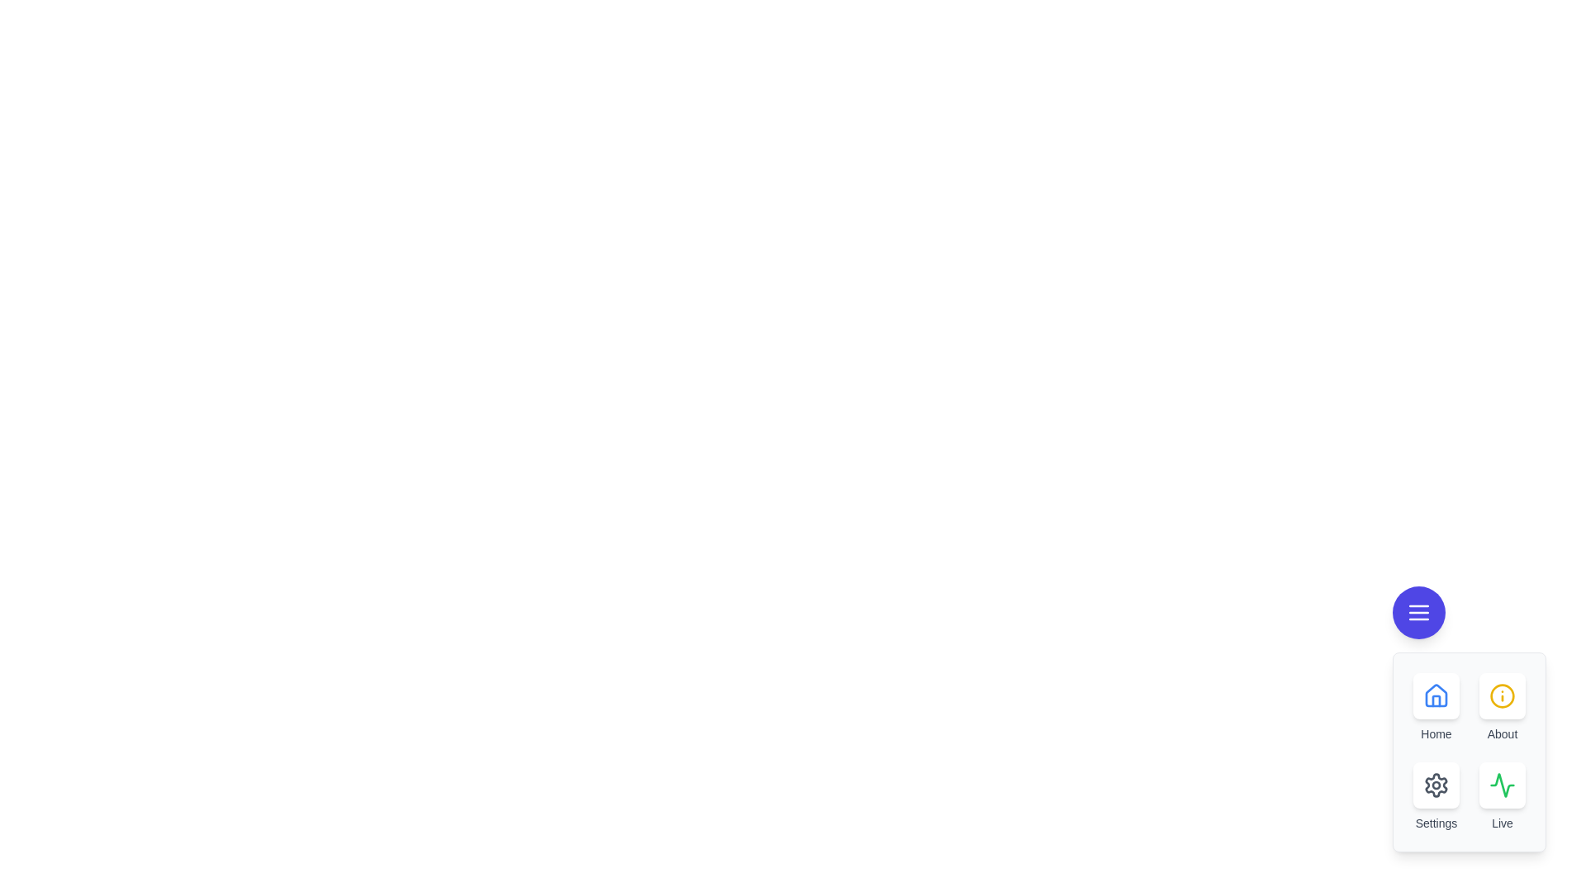  I want to click on the Settings button in the EnhancedSpeedDial component, so click(1435, 785).